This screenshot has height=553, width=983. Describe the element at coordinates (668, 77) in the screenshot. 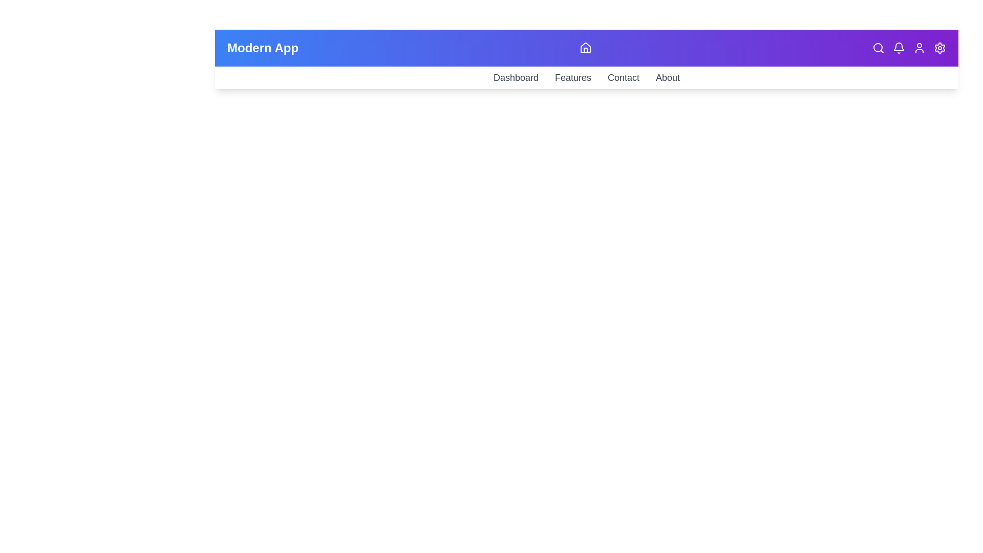

I see `the About navigation link` at that location.